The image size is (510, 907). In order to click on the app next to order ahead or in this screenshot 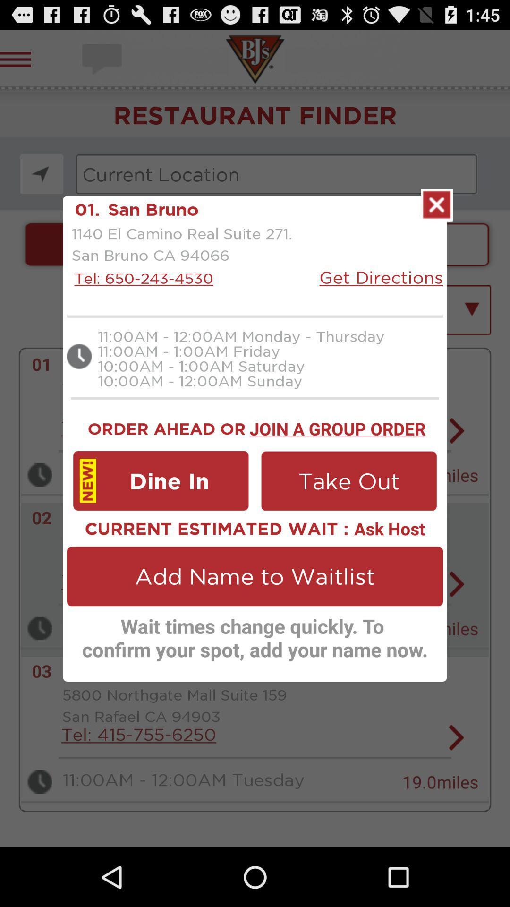, I will do `click(337, 427)`.